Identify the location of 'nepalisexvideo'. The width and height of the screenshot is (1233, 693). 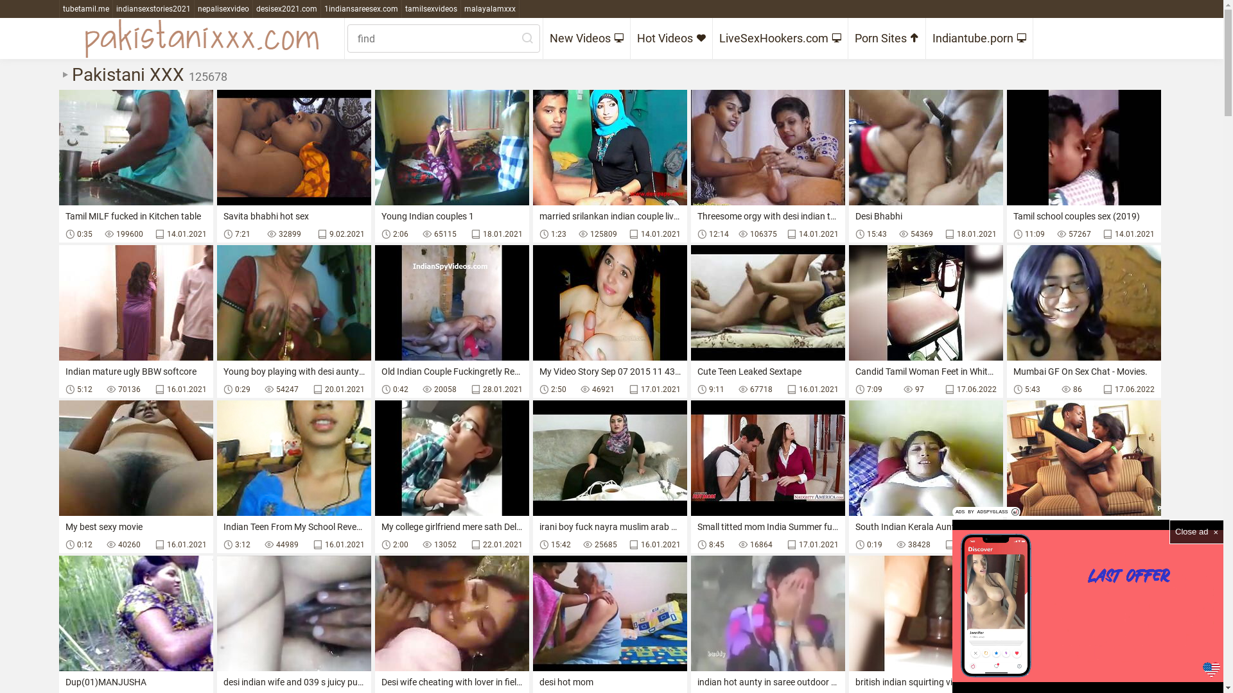
(223, 9).